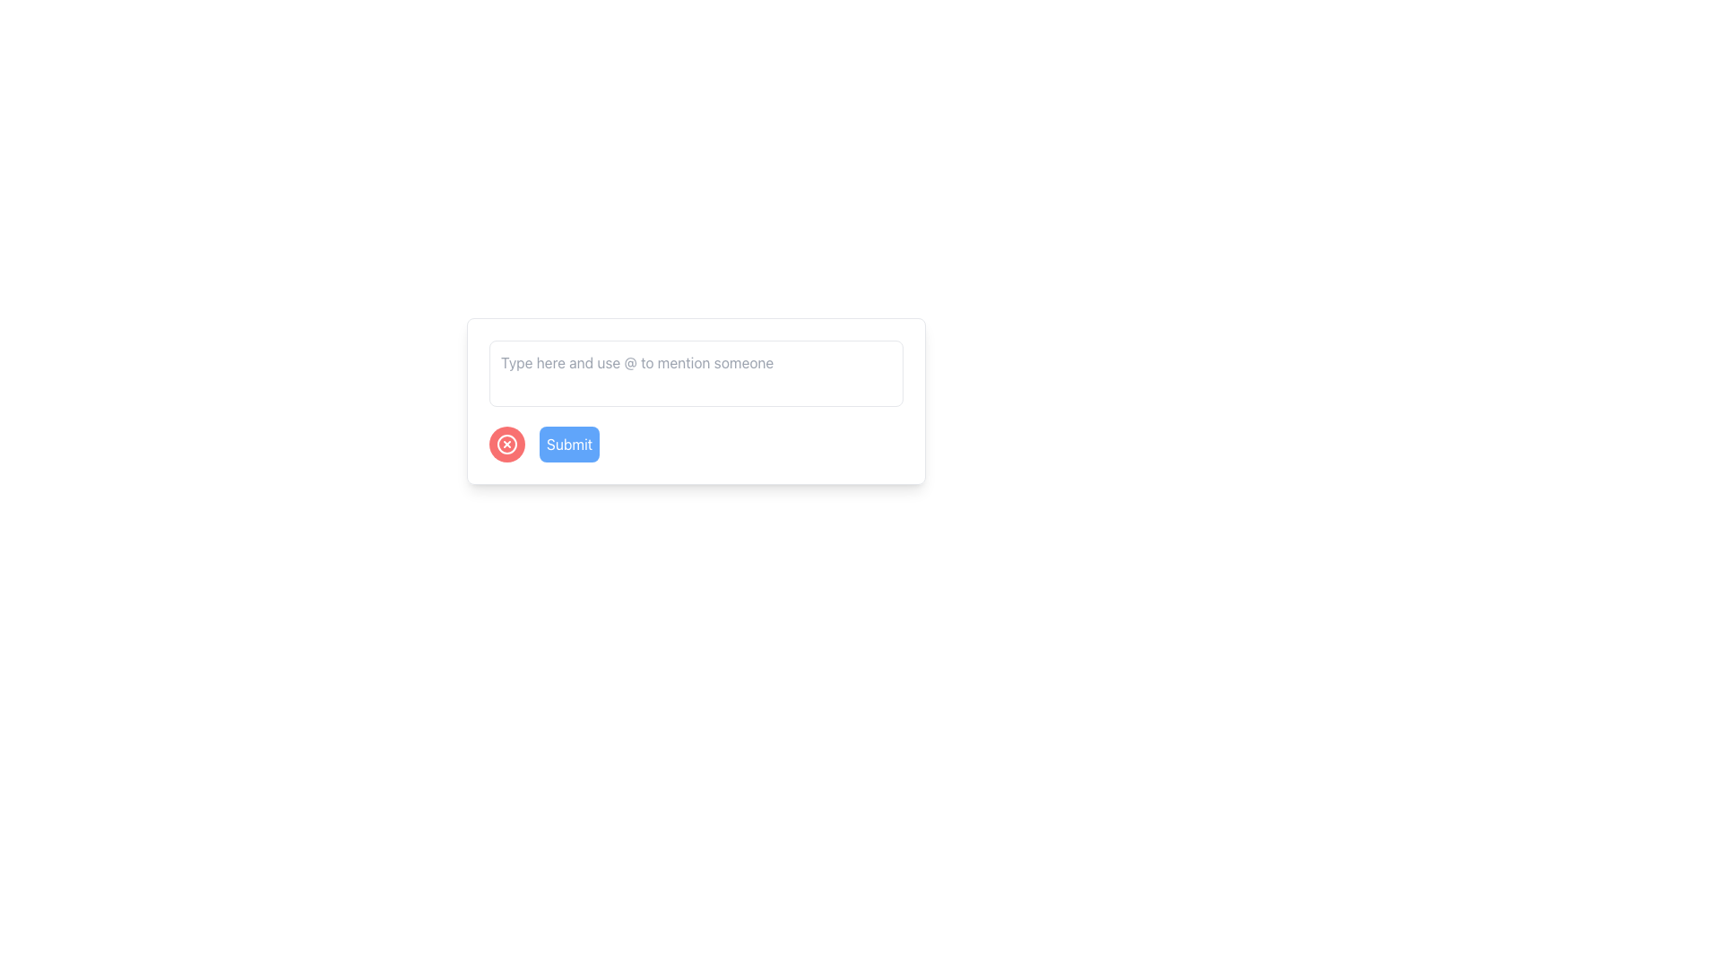 This screenshot has width=1721, height=968. I want to click on the leftmost button designed to clear input or content, located below a white input field, so click(506, 444).